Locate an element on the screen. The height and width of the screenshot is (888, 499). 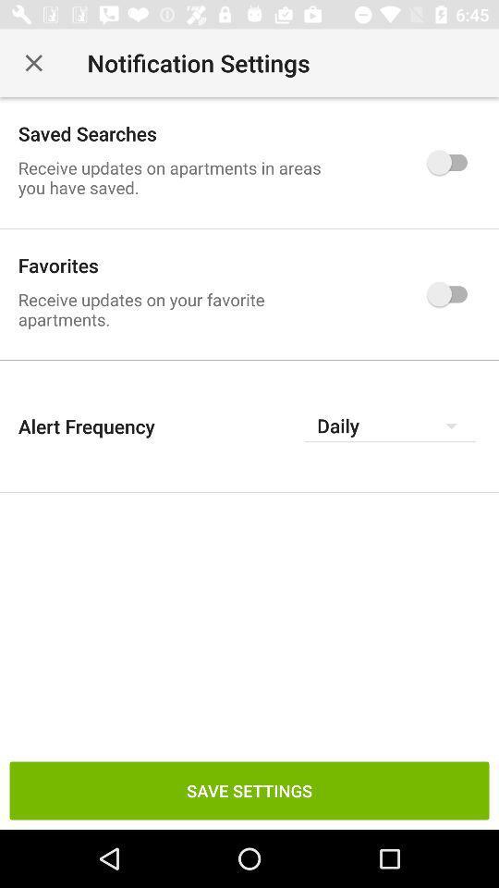
icon above the saved searches item is located at coordinates (33, 63).